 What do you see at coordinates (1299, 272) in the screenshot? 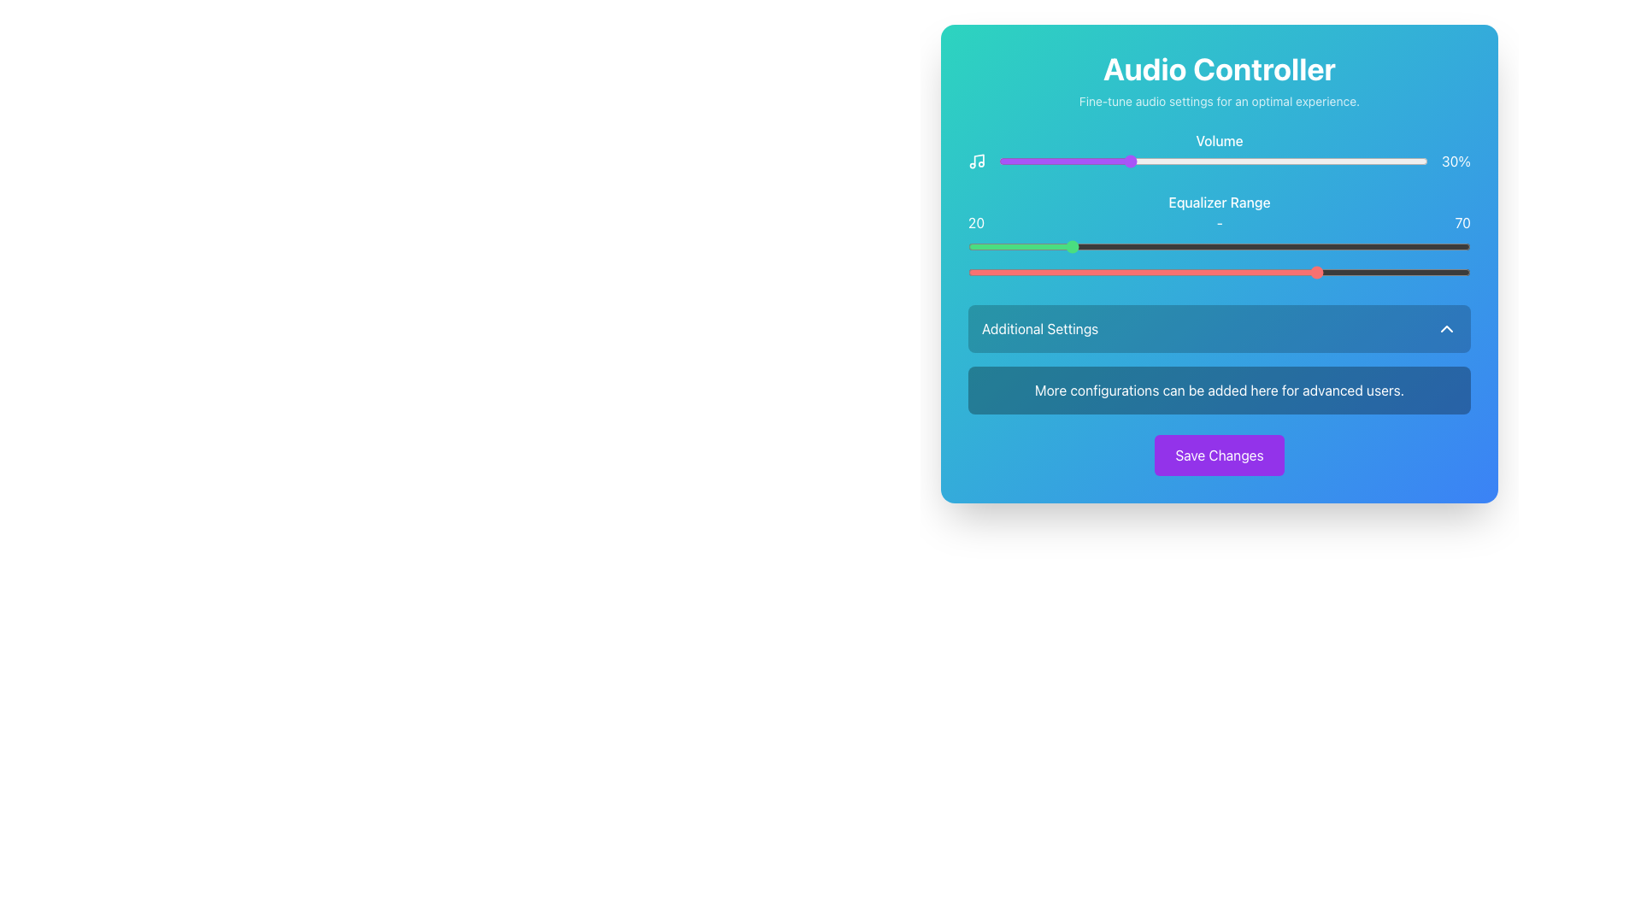
I see `the equalizer range` at bounding box center [1299, 272].